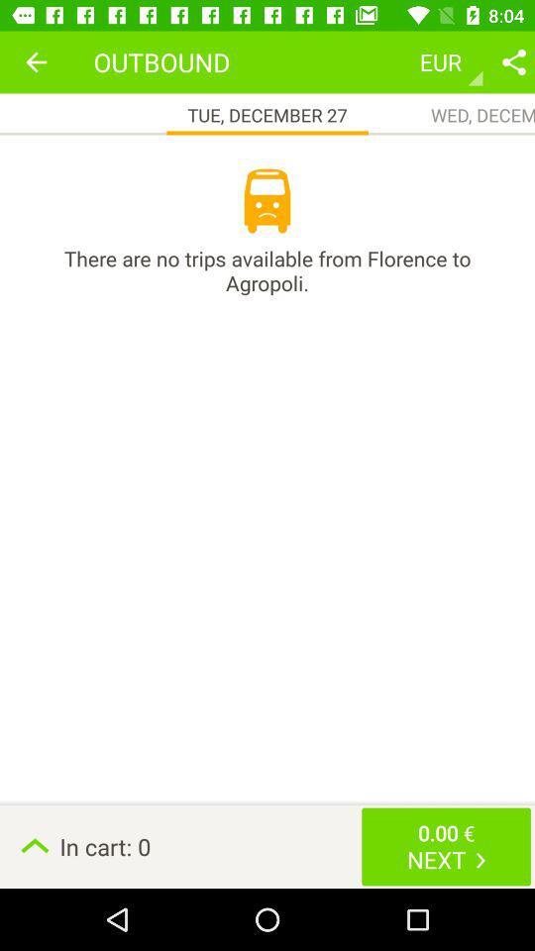 This screenshot has width=535, height=951. What do you see at coordinates (513, 61) in the screenshot?
I see `the item to the right of the eur item` at bounding box center [513, 61].